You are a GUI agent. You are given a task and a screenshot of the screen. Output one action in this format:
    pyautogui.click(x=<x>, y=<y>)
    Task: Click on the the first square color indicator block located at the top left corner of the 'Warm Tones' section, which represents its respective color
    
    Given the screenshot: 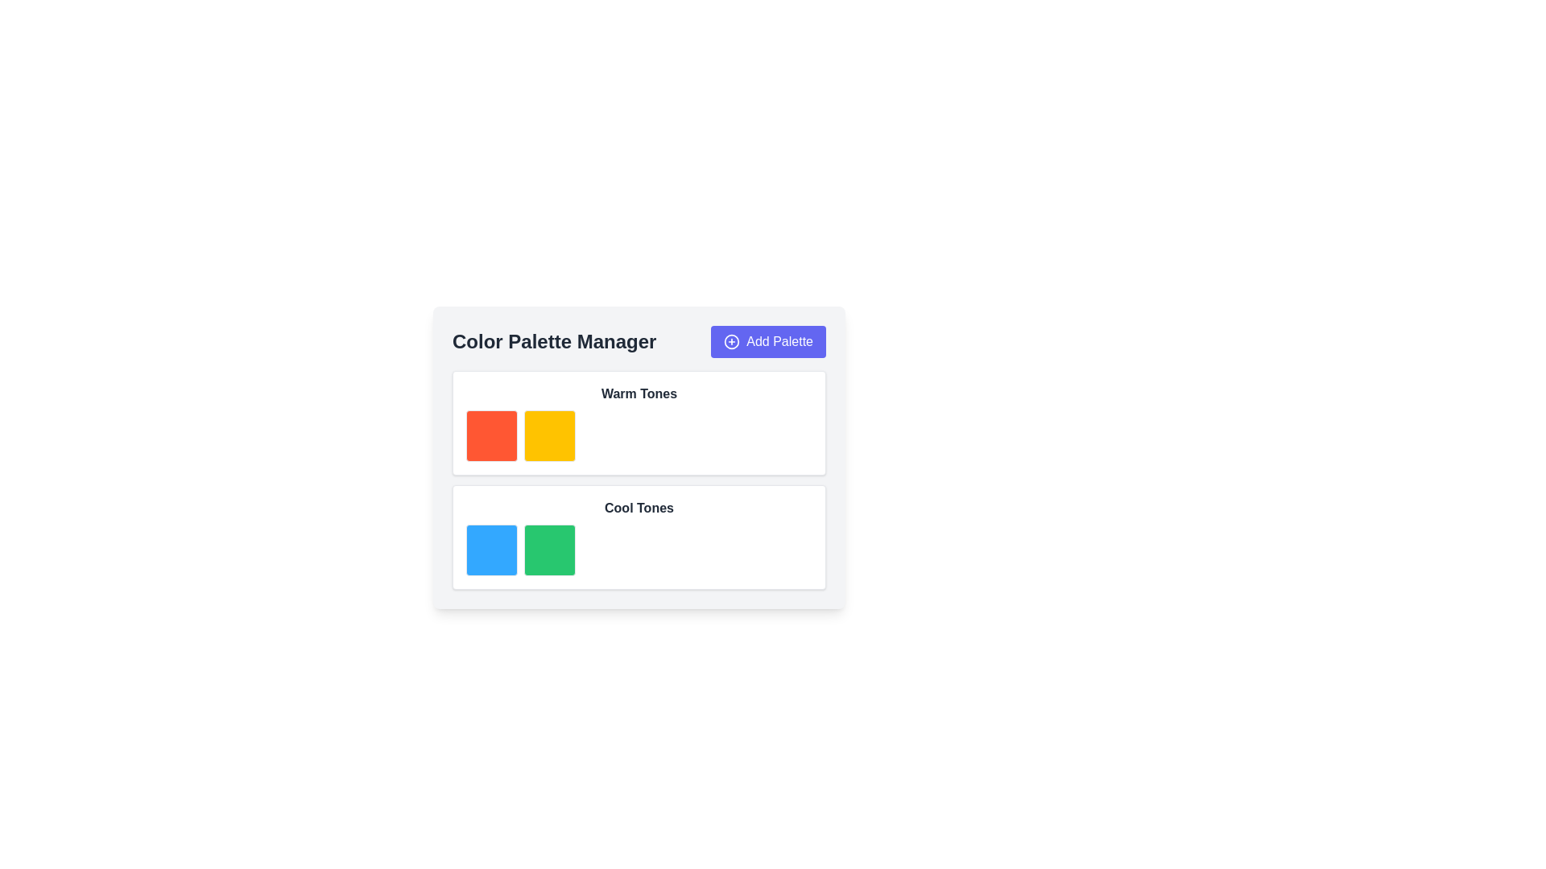 What is the action you would take?
    pyautogui.click(x=490, y=436)
    